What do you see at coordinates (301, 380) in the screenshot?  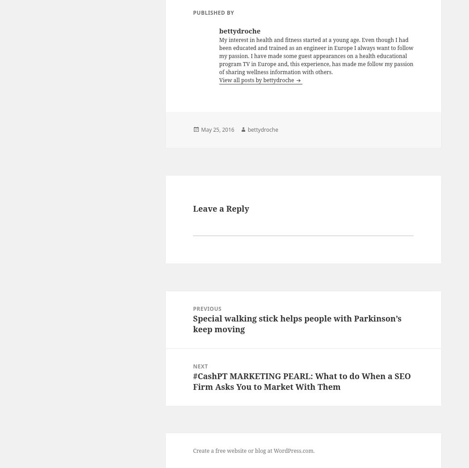 I see `'#CashPT MARKETING PEARL: What to do When a SEO Firm Asks You to Market With Them'` at bounding box center [301, 380].